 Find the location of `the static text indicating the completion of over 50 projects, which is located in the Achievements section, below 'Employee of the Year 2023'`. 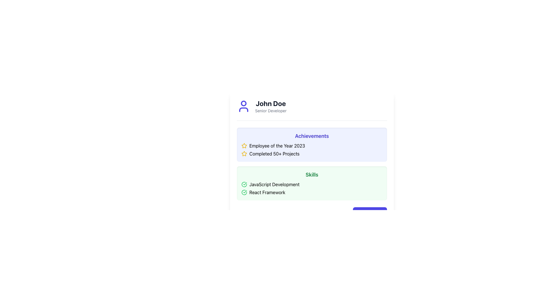

the static text indicating the completion of over 50 projects, which is located in the Achievements section, below 'Employee of the Year 2023' is located at coordinates (274, 153).